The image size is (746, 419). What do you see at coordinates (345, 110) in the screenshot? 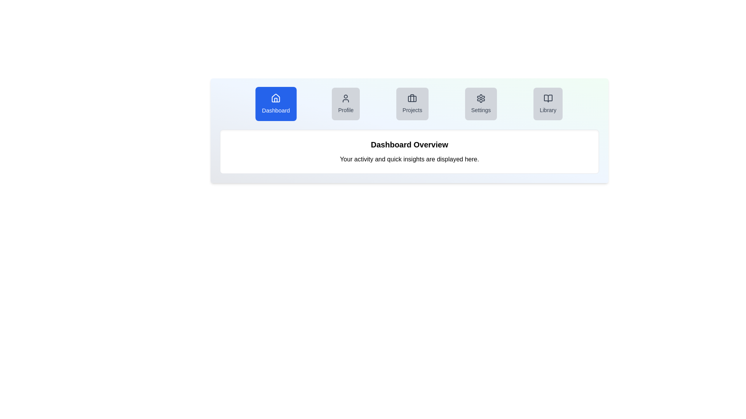
I see `text label that says 'Profile', which is located beneath a user icon in a horizontal navigation bar with a light gray background` at bounding box center [345, 110].